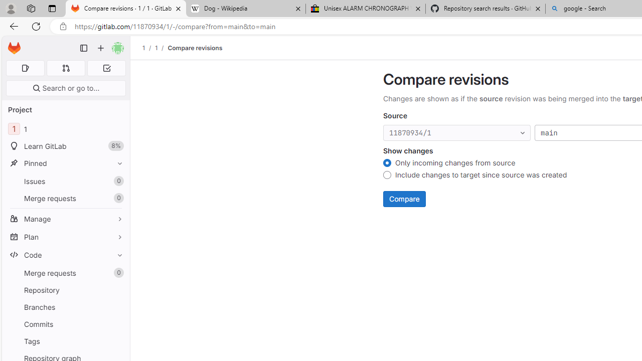  Describe the element at coordinates (65, 273) in the screenshot. I see `'Merge requests0'` at that location.